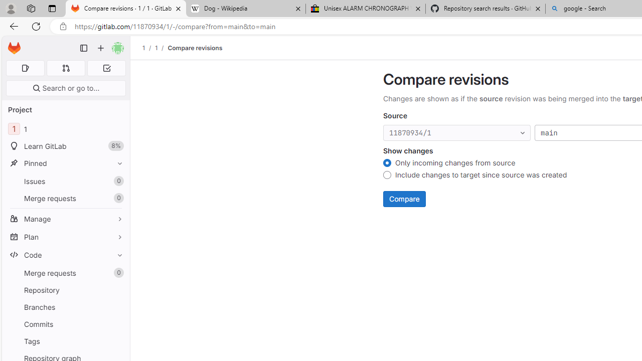  Describe the element at coordinates (65, 273) in the screenshot. I see `'Merge requests0'` at that location.